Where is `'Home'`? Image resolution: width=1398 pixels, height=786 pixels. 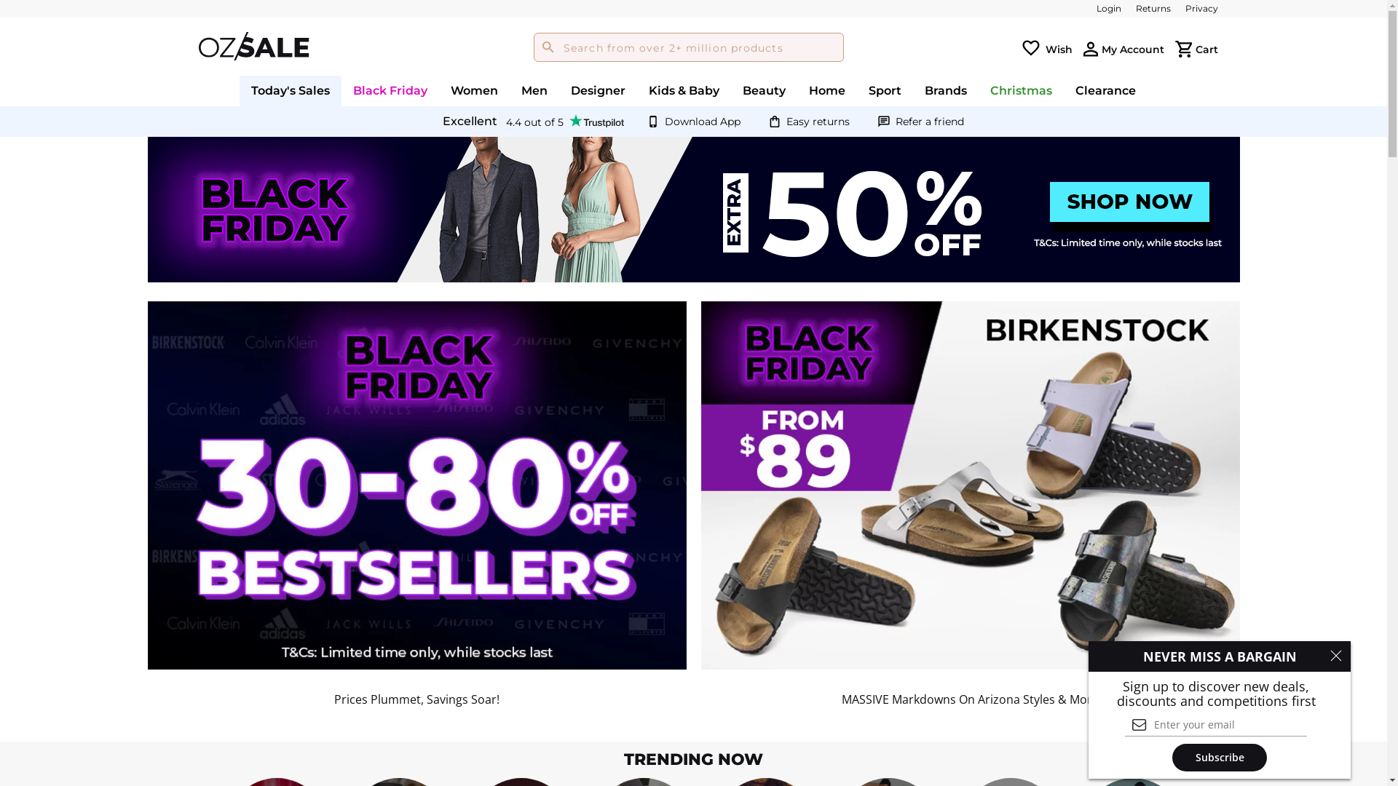 'Home' is located at coordinates (796, 90).